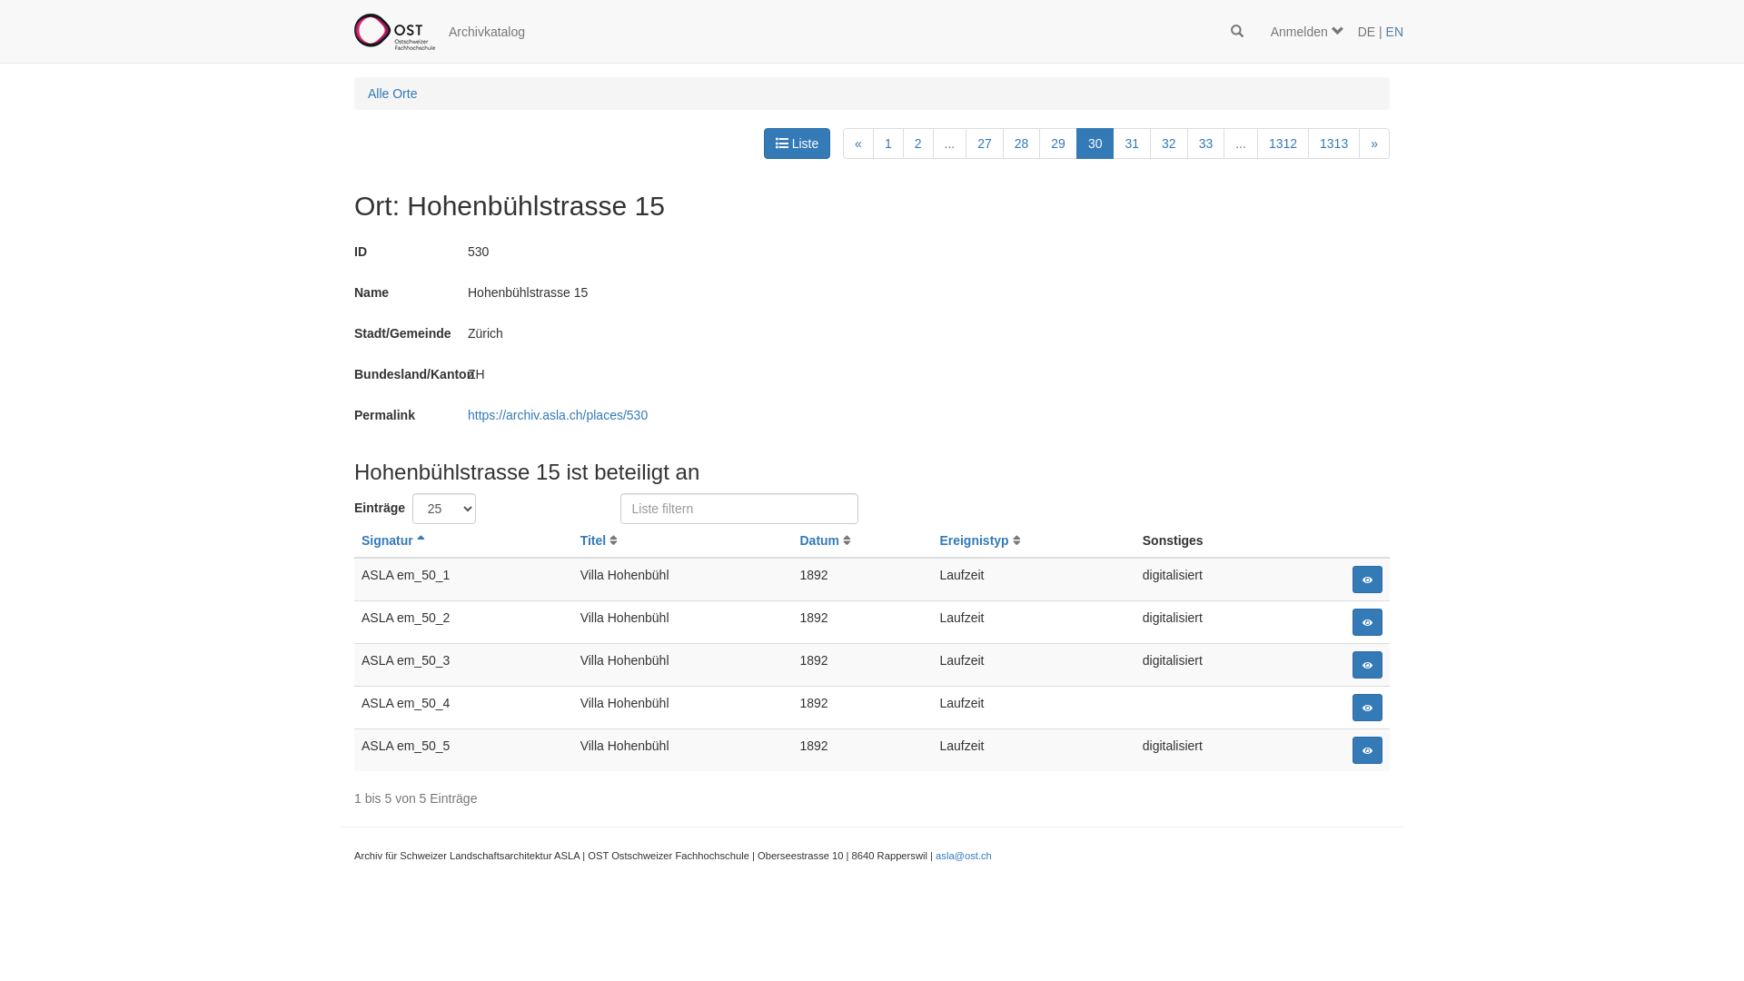  I want to click on '1', so click(888, 143).